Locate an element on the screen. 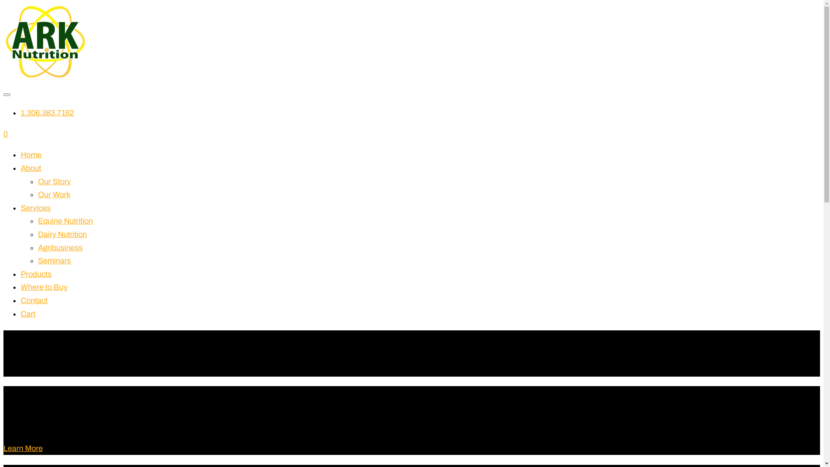 The height and width of the screenshot is (467, 830). 'Our Story' is located at coordinates (54, 181).